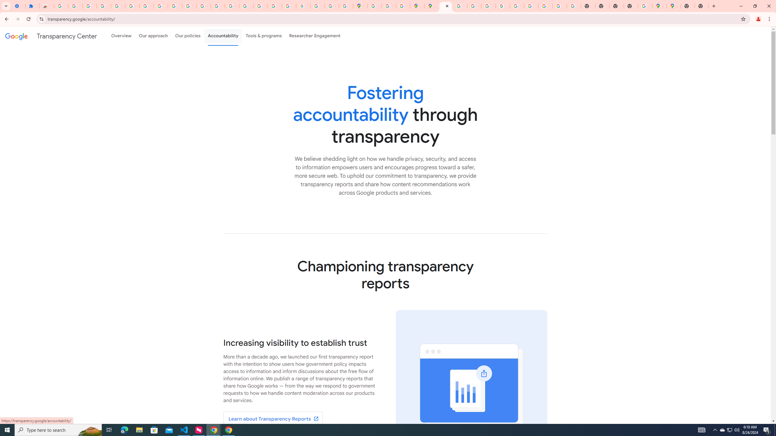 The height and width of the screenshot is (436, 776). What do you see at coordinates (60, 6) in the screenshot?
I see `'Sign in - Google Accounts'` at bounding box center [60, 6].